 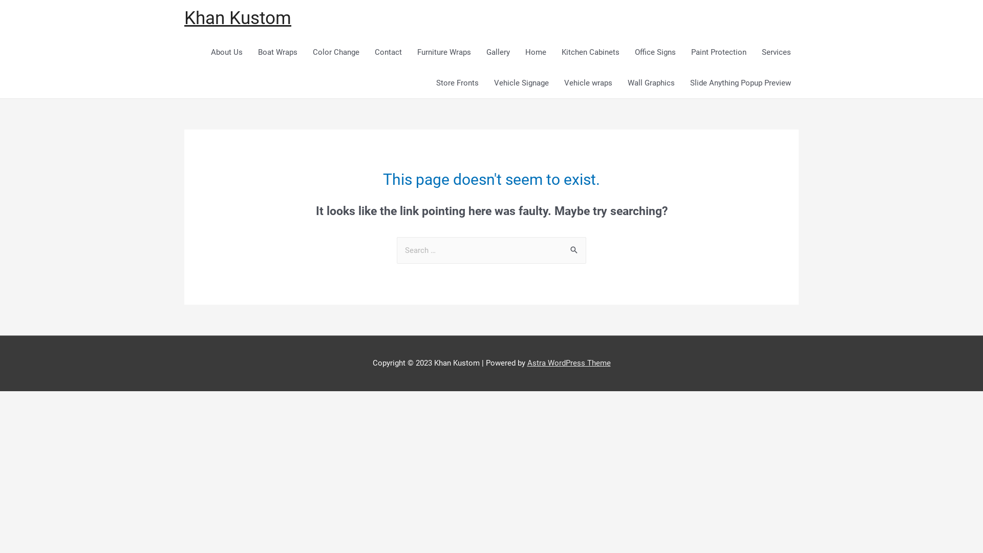 What do you see at coordinates (535, 52) in the screenshot?
I see `'Home'` at bounding box center [535, 52].